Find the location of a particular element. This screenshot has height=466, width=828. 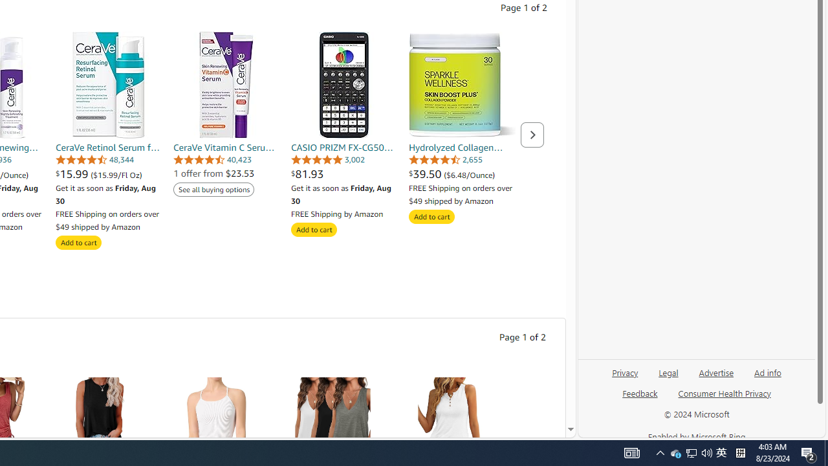

'$81.93' is located at coordinates (344, 173).